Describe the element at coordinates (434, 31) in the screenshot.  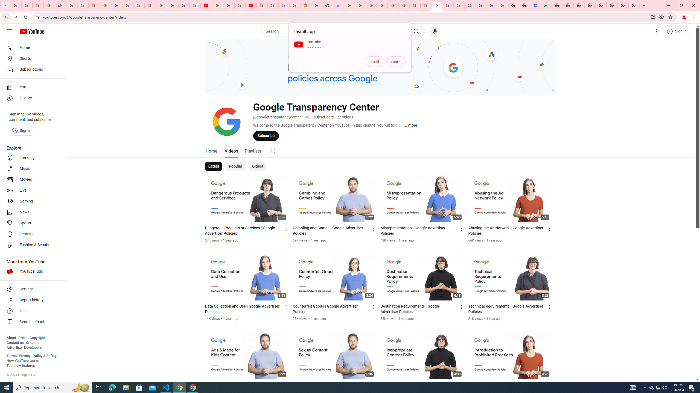
I see `'Search with your voice'` at that location.